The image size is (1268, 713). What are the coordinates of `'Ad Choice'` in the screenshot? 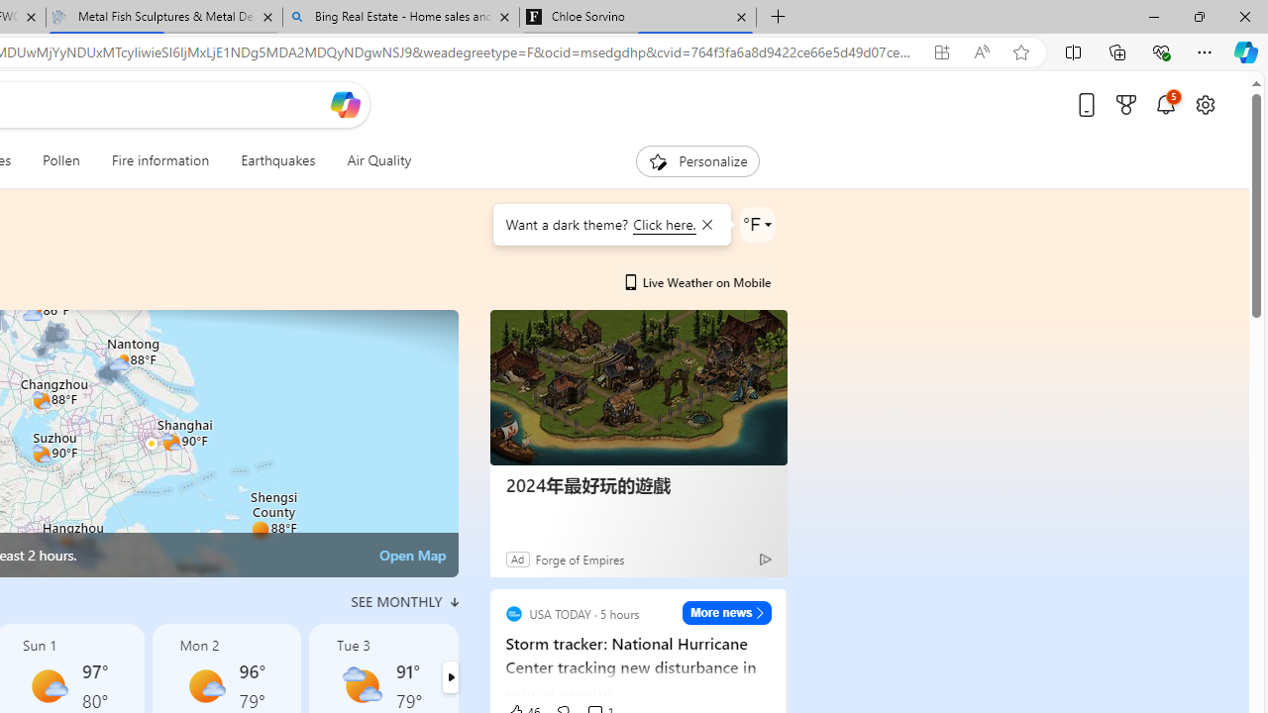 It's located at (764, 559).